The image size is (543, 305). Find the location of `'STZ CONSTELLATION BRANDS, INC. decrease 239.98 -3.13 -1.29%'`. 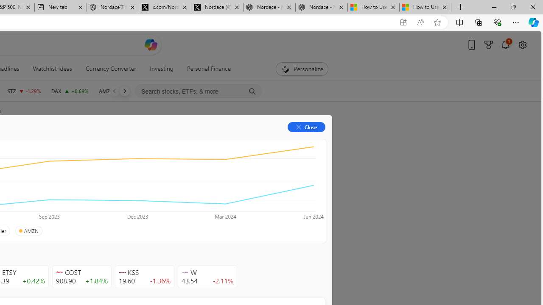

'STZ CONSTELLATION BRANDS, INC. decrease 239.98 -3.13 -1.29%' is located at coordinates (24, 91).